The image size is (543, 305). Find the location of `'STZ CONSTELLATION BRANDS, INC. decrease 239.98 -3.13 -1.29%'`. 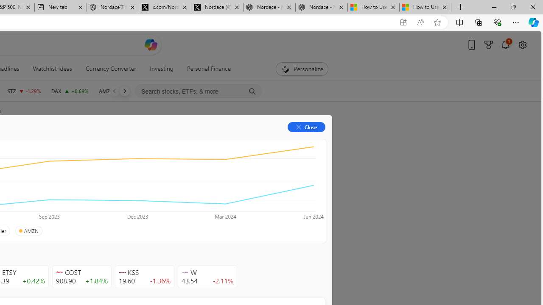

'STZ CONSTELLATION BRANDS, INC. decrease 239.98 -3.13 -1.29%' is located at coordinates (24, 91).